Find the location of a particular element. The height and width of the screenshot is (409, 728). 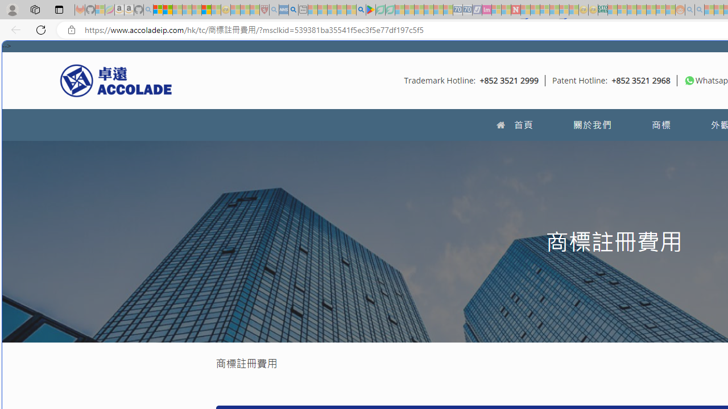

'Microsoft-Report a Concern to Bing - Sleeping' is located at coordinates (100, 10).